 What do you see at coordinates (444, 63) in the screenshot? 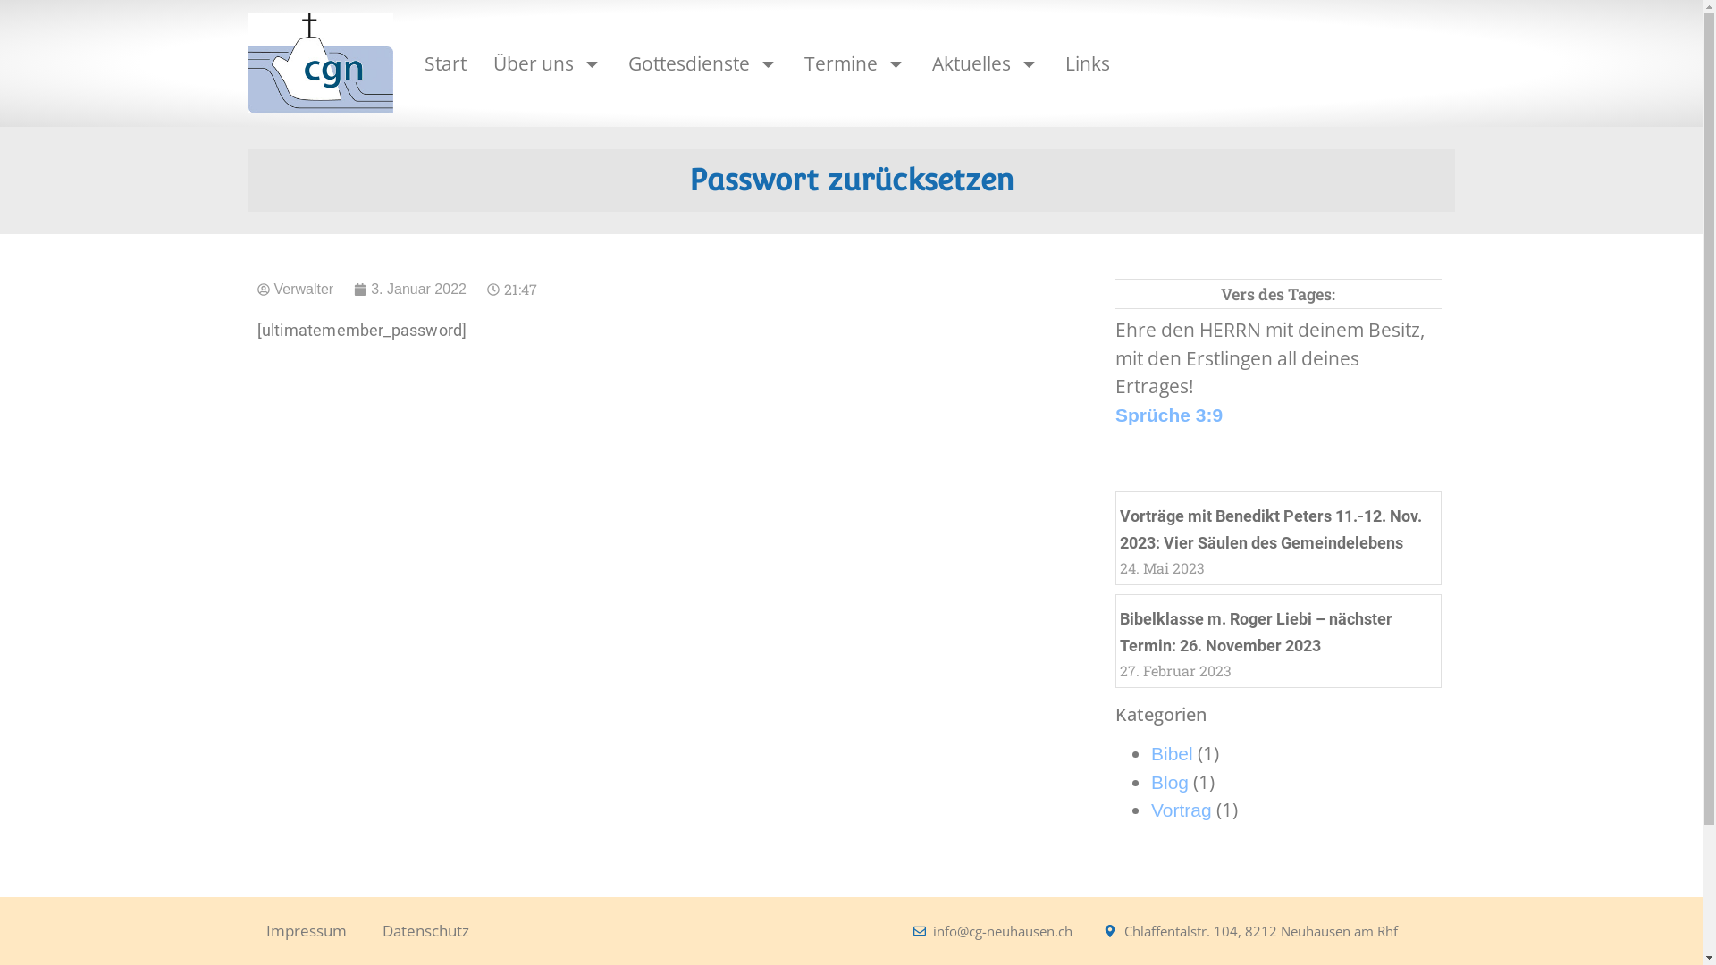
I see `'Start'` at bounding box center [444, 63].